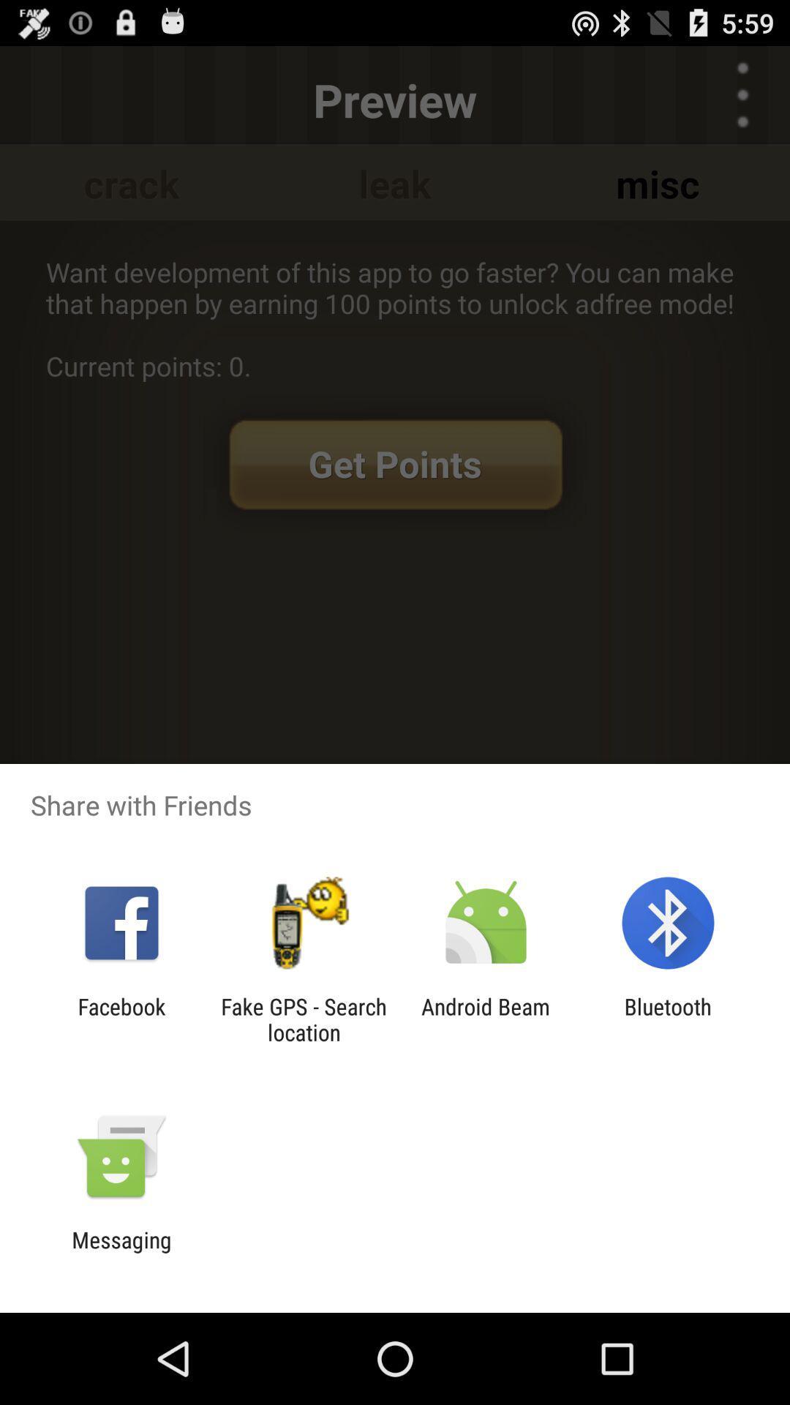  Describe the element at coordinates (668, 1019) in the screenshot. I see `bluetooth at the bottom right corner` at that location.